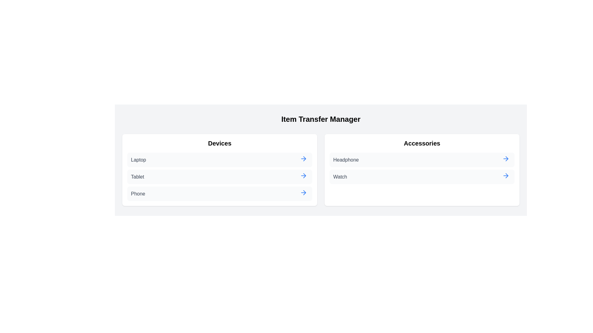 This screenshot has width=593, height=333. I want to click on arrow button next to the item Watch in the category Accessories to transfer it to the other category, so click(506, 176).